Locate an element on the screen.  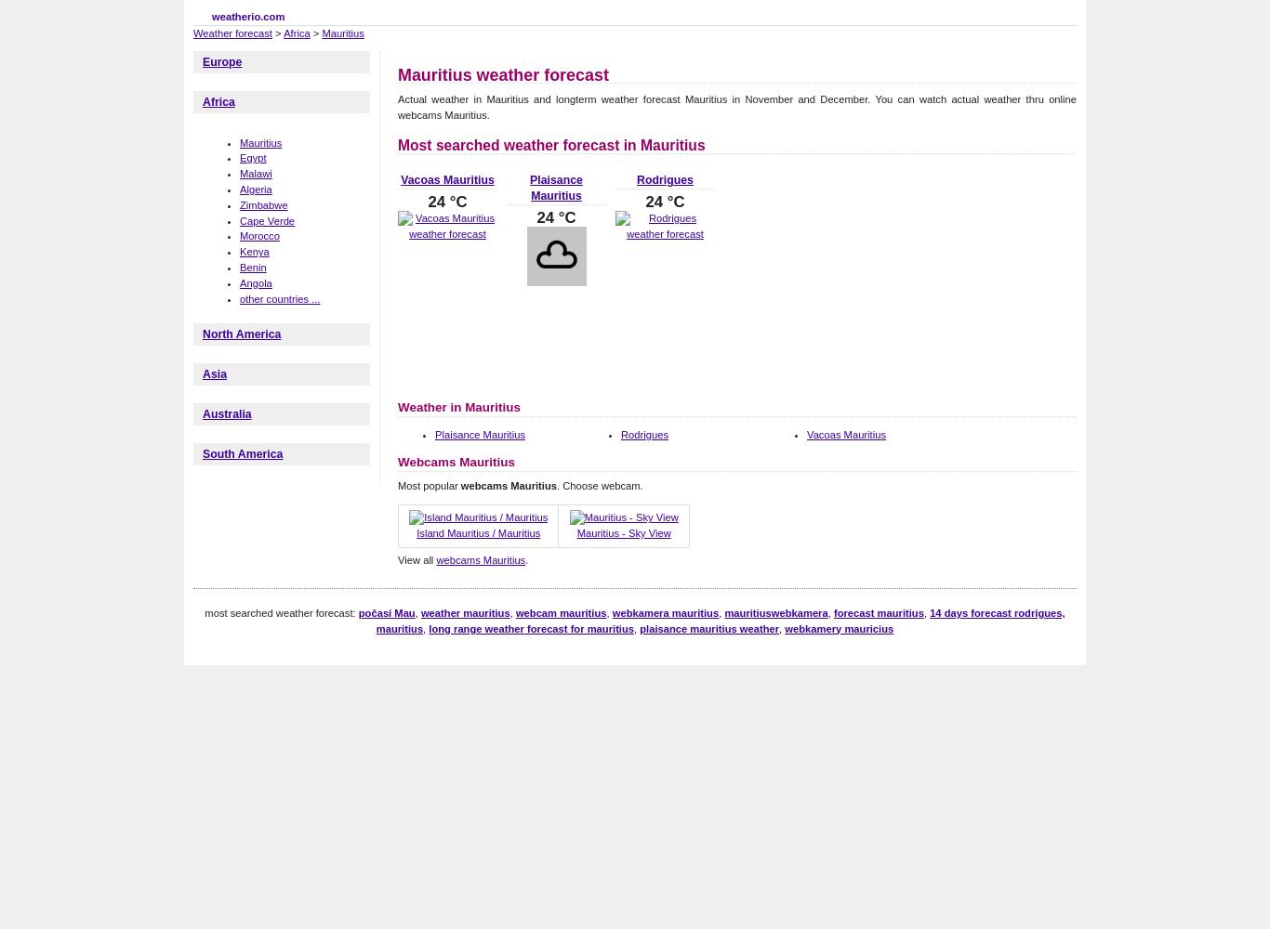
'most searched weather forecast:' is located at coordinates (204, 612).